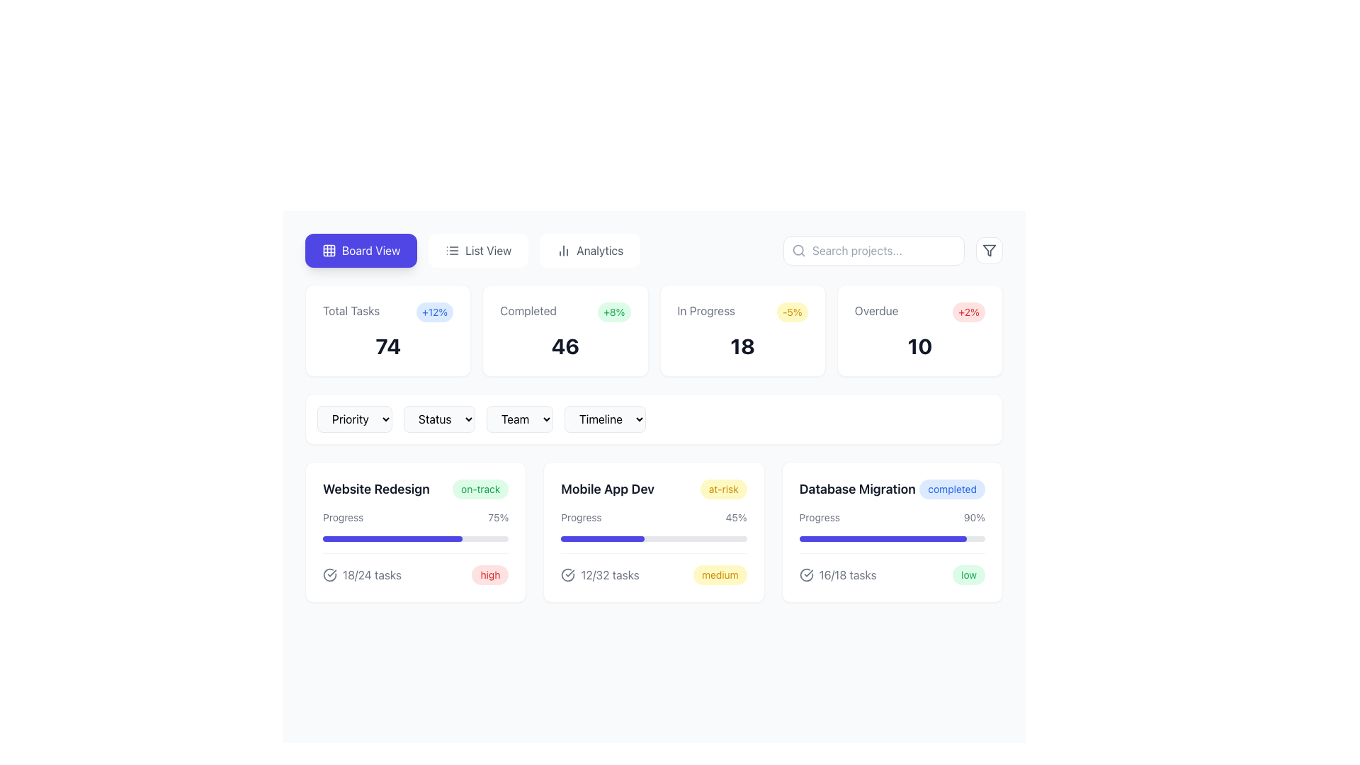 Image resolution: width=1360 pixels, height=765 pixels. I want to click on the status badge indicating a positive change percentage for completed tasks located immediately to the right of the text 'Completed', so click(614, 311).